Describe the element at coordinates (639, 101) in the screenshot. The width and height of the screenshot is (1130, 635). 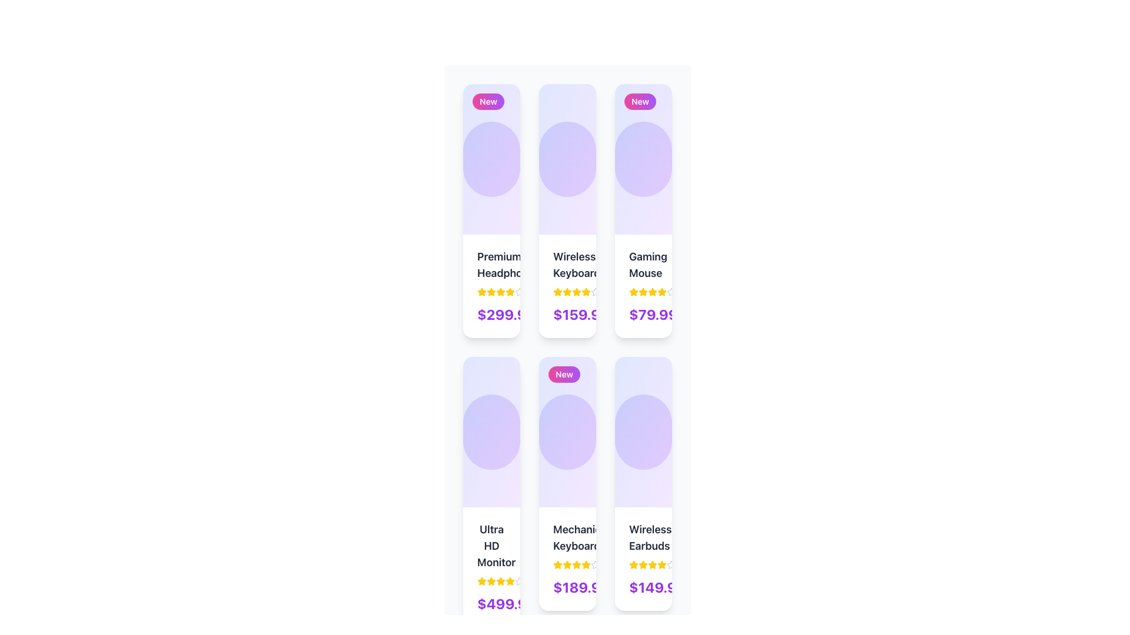
I see `the 'new' badge located in the top-left corner of the third card in a three-column layout, which serves as a label` at that location.